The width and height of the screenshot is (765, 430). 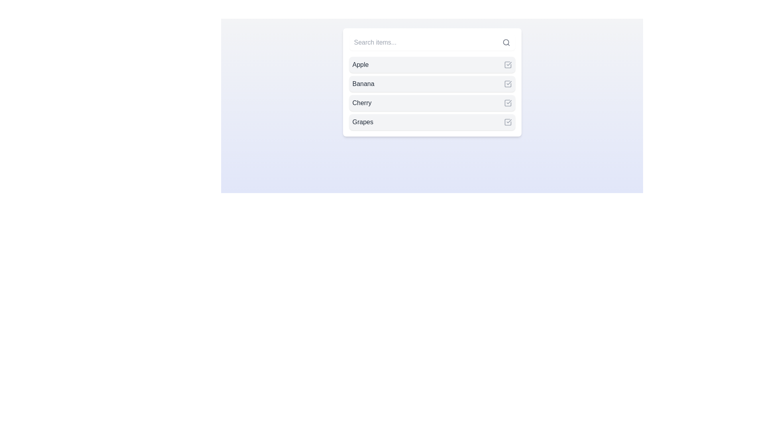 What do you see at coordinates (507, 122) in the screenshot?
I see `the toggleable checkbox icon with a checkmark, located to the far right of the 'Grapes' list item` at bounding box center [507, 122].